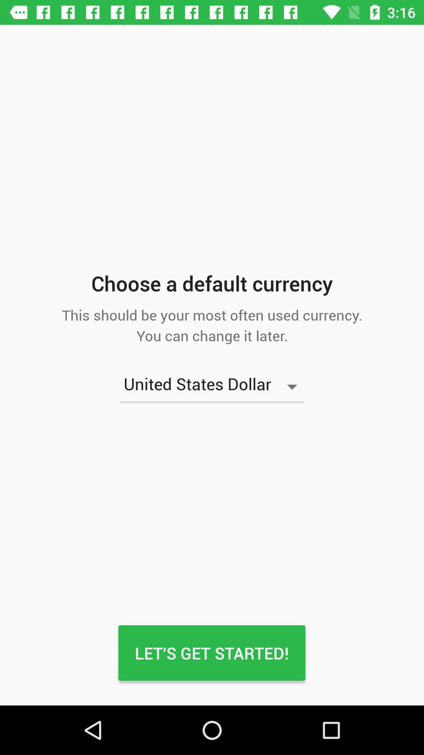 Image resolution: width=424 pixels, height=755 pixels. I want to click on let s get item, so click(211, 653).